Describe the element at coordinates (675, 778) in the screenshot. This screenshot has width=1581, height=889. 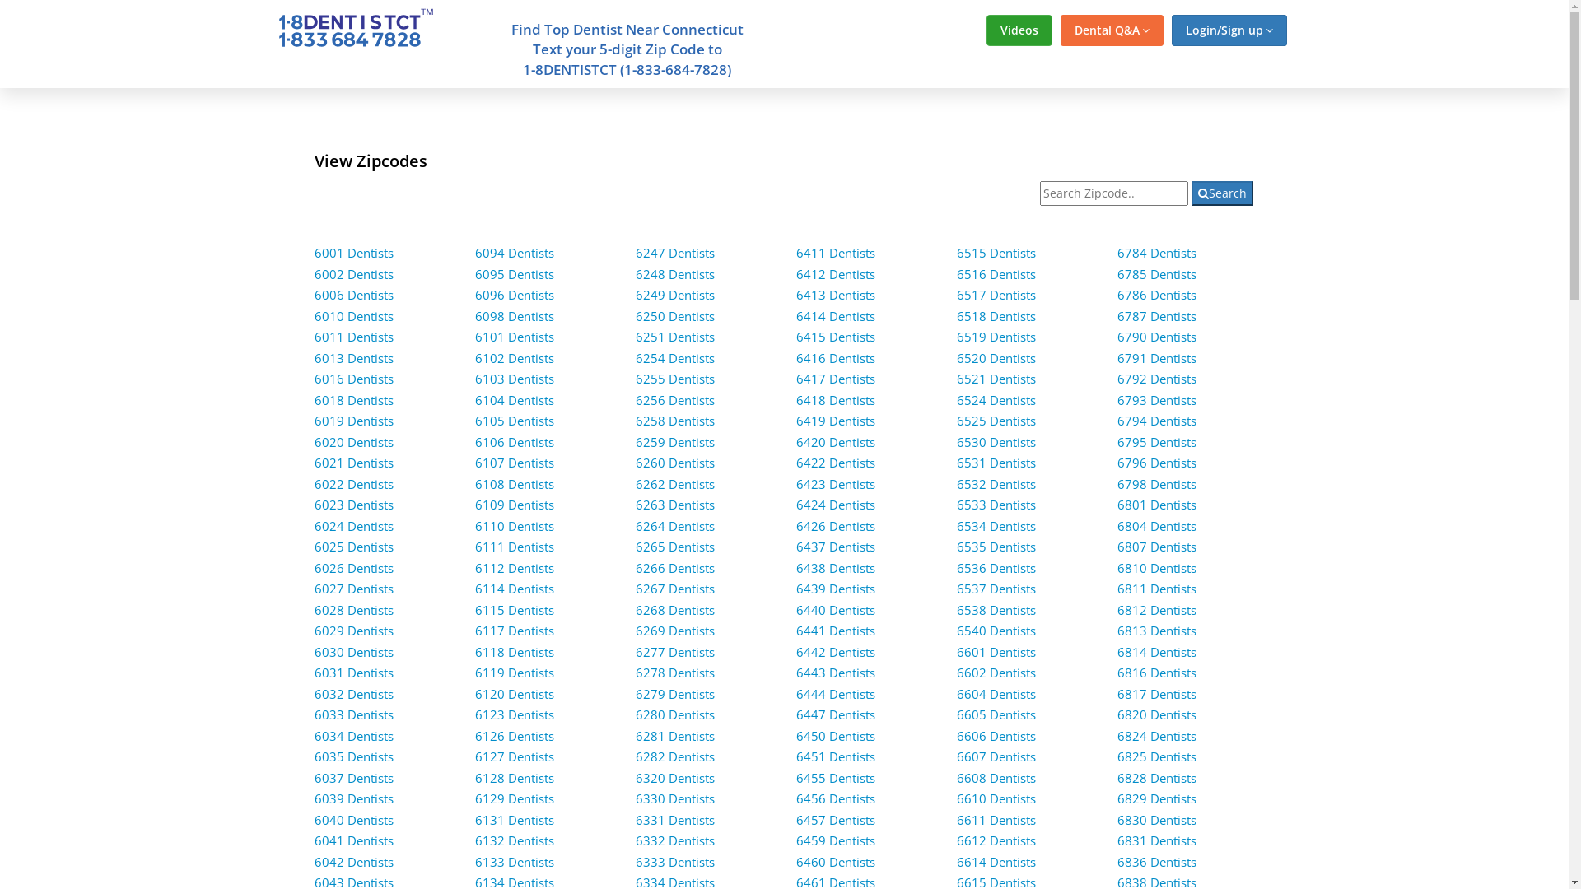
I see `'6320 Dentists'` at that location.